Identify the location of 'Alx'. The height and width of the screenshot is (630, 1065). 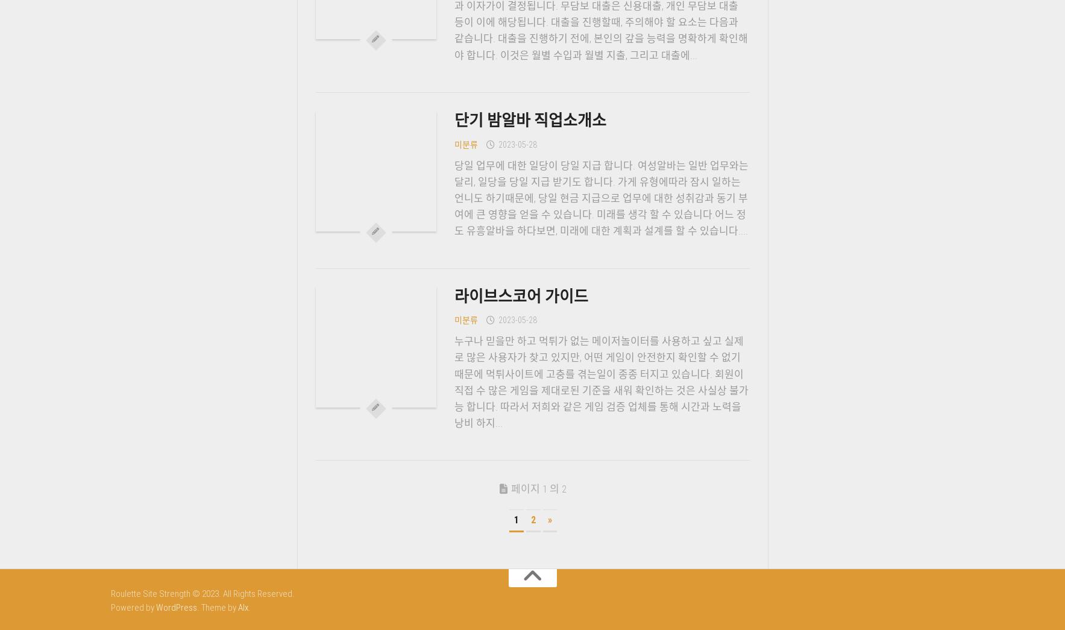
(242, 606).